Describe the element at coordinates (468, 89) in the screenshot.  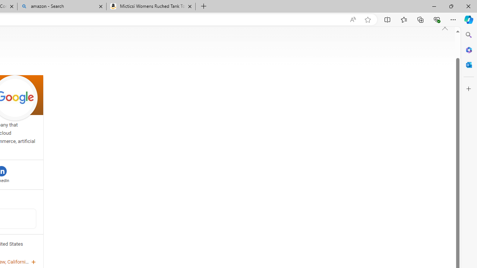
I see `'Customize'` at that location.